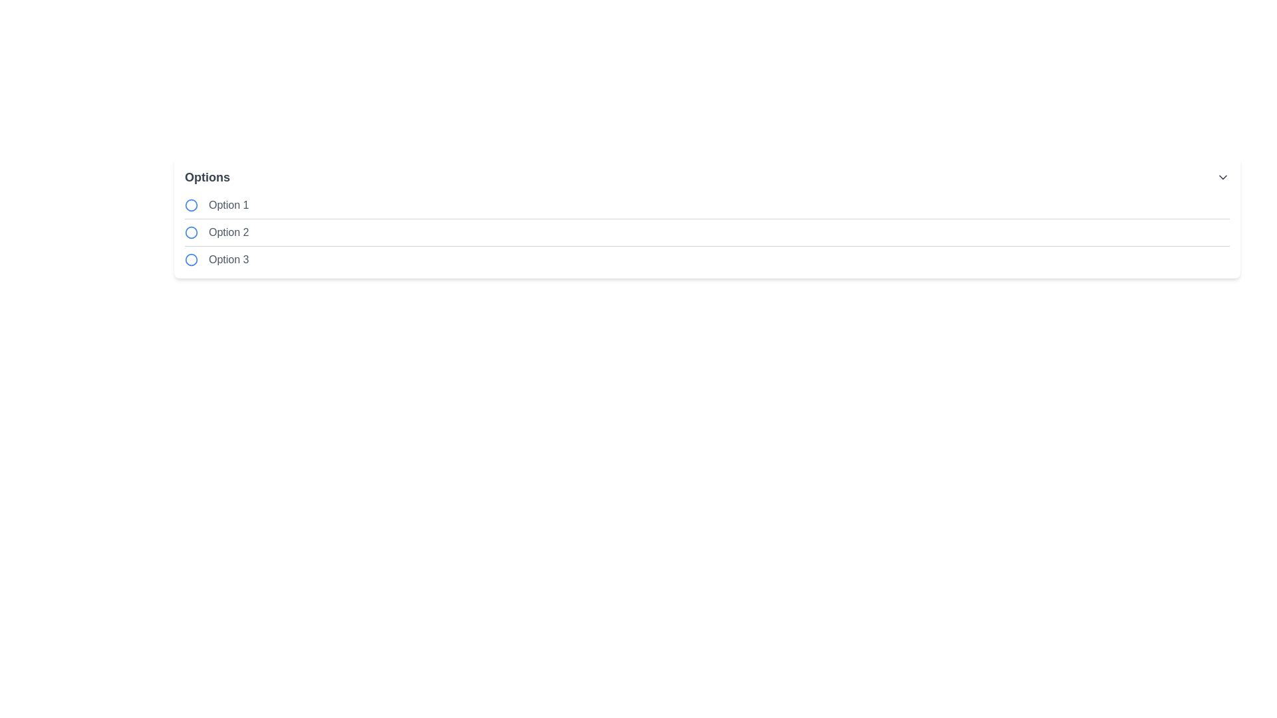 The width and height of the screenshot is (1277, 718). I want to click on the radio button styled with a blue outline that is aligned with 'Option 3', so click(191, 259).